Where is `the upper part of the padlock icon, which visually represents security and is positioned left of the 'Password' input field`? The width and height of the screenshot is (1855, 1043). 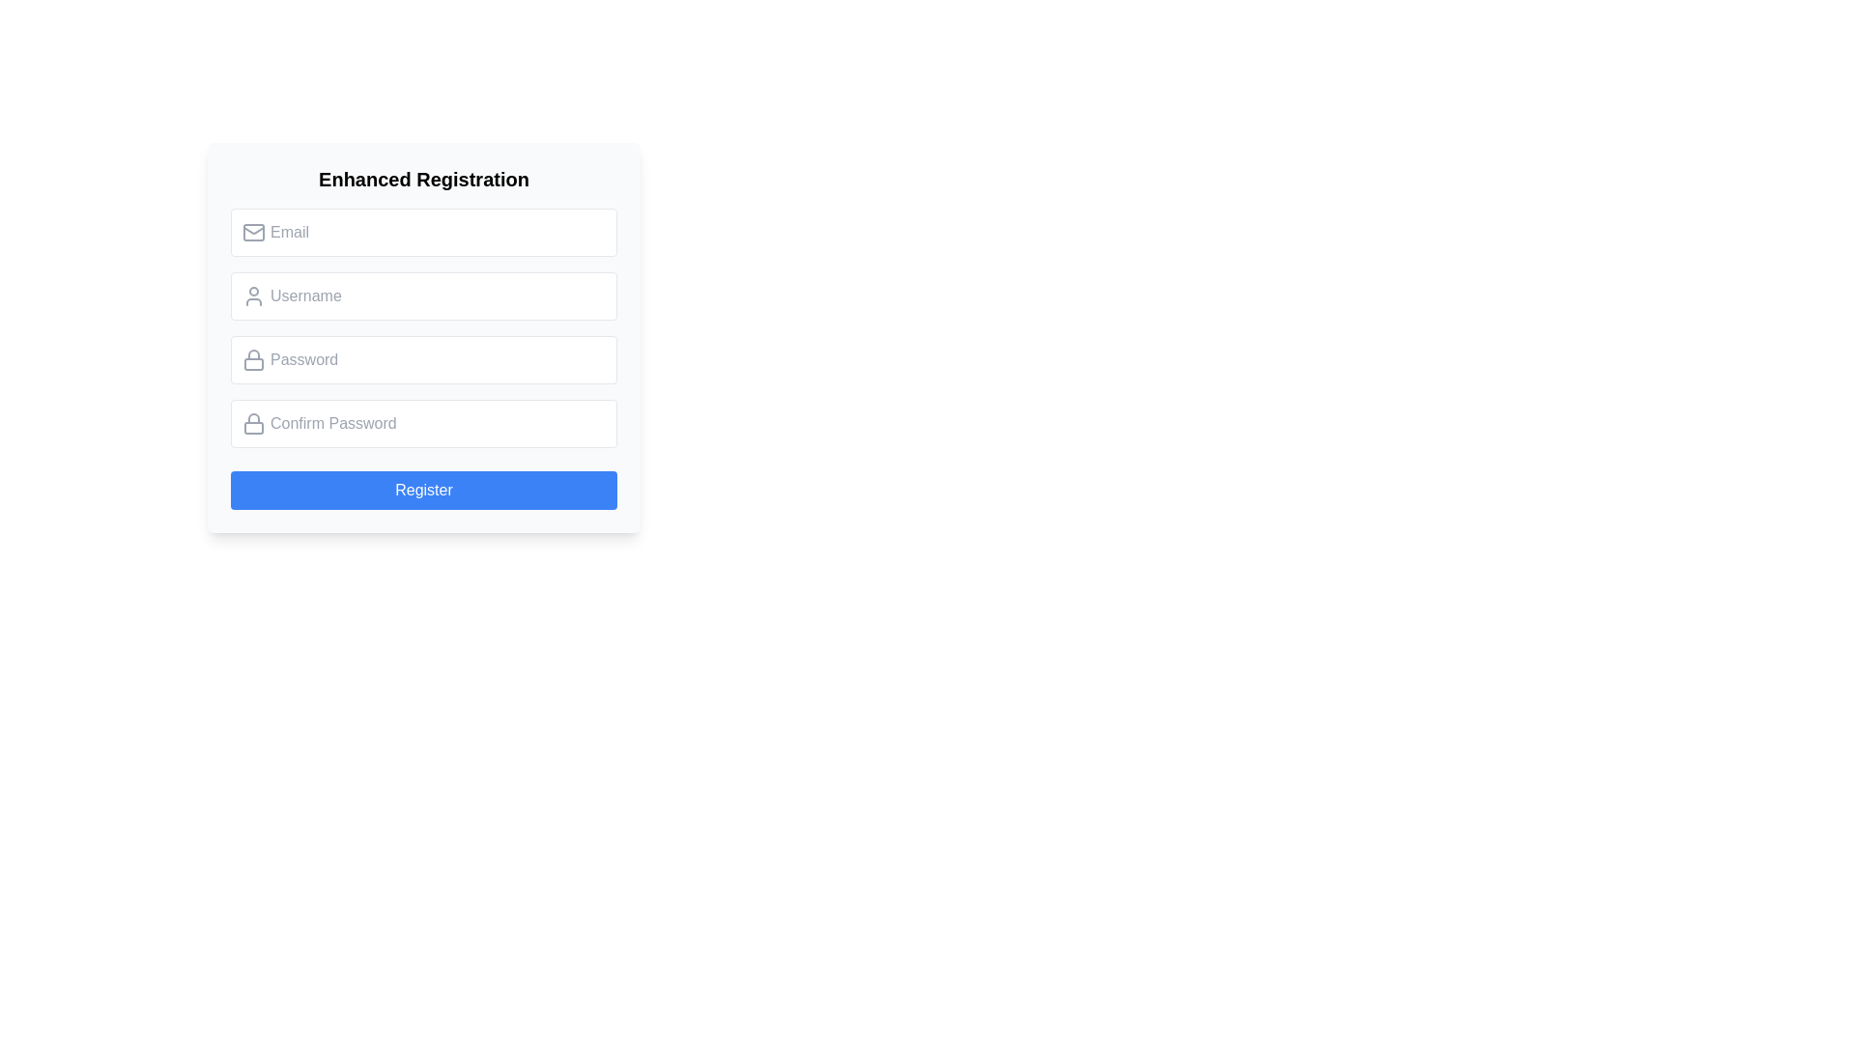
the upper part of the padlock icon, which visually represents security and is positioned left of the 'Password' input field is located at coordinates (253, 354).